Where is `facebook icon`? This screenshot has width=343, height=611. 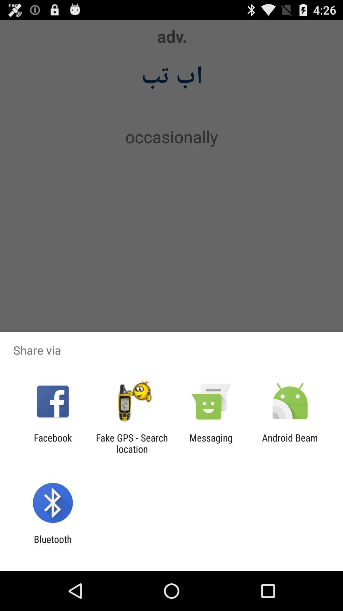
facebook icon is located at coordinates (52, 443).